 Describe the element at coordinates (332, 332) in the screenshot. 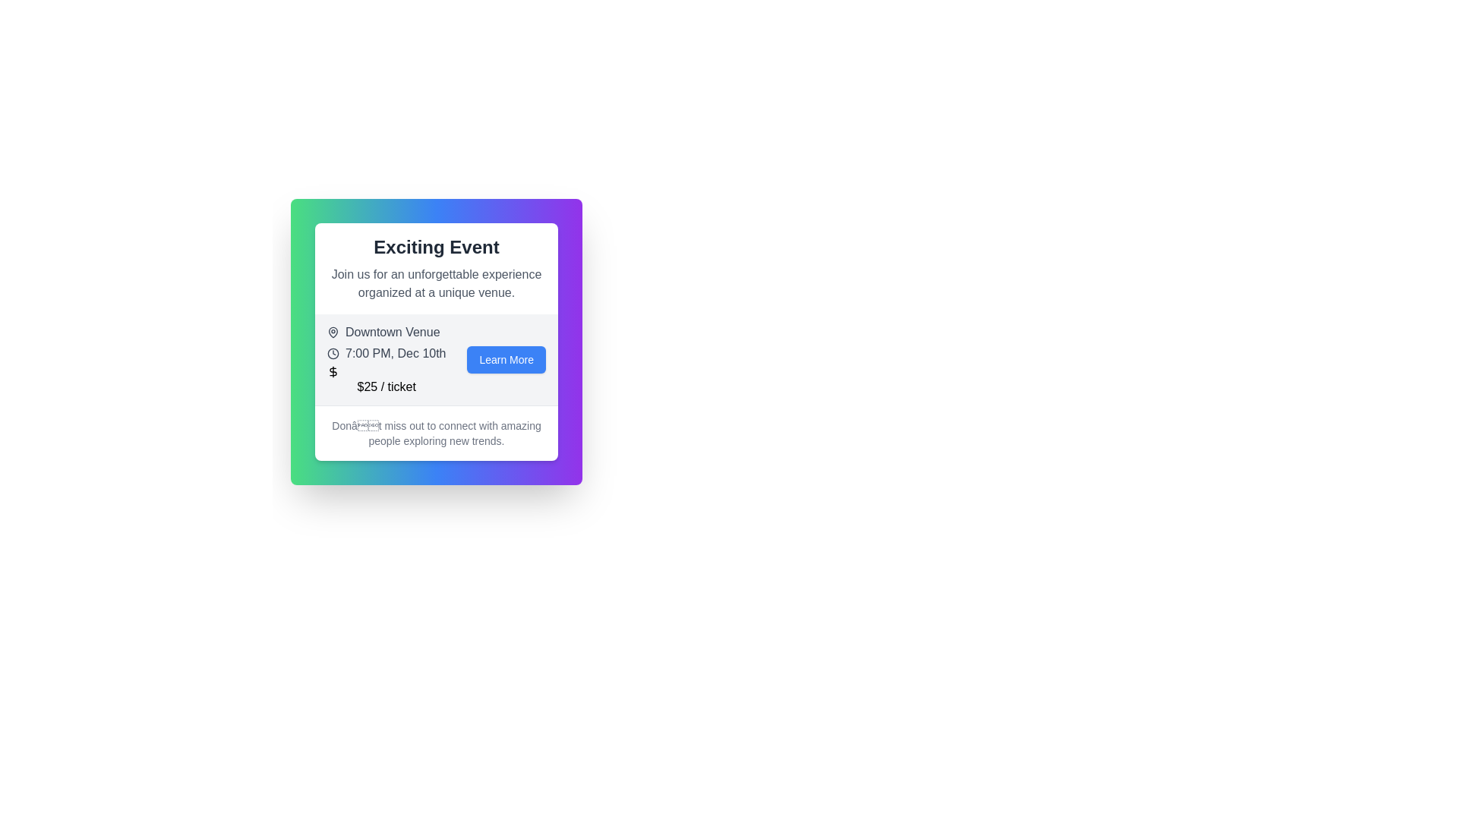

I see `the icon representing the location or venue associated with 'Downtown Venue', which is located in the top-left of its section and precedes the text content` at that location.